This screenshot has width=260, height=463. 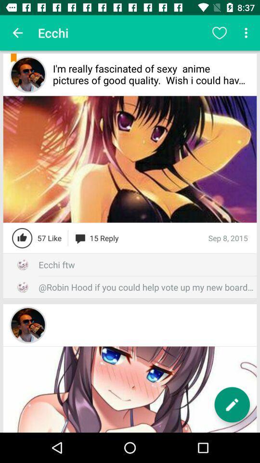 What do you see at coordinates (219, 33) in the screenshot?
I see `app next to the ecchi  app` at bounding box center [219, 33].